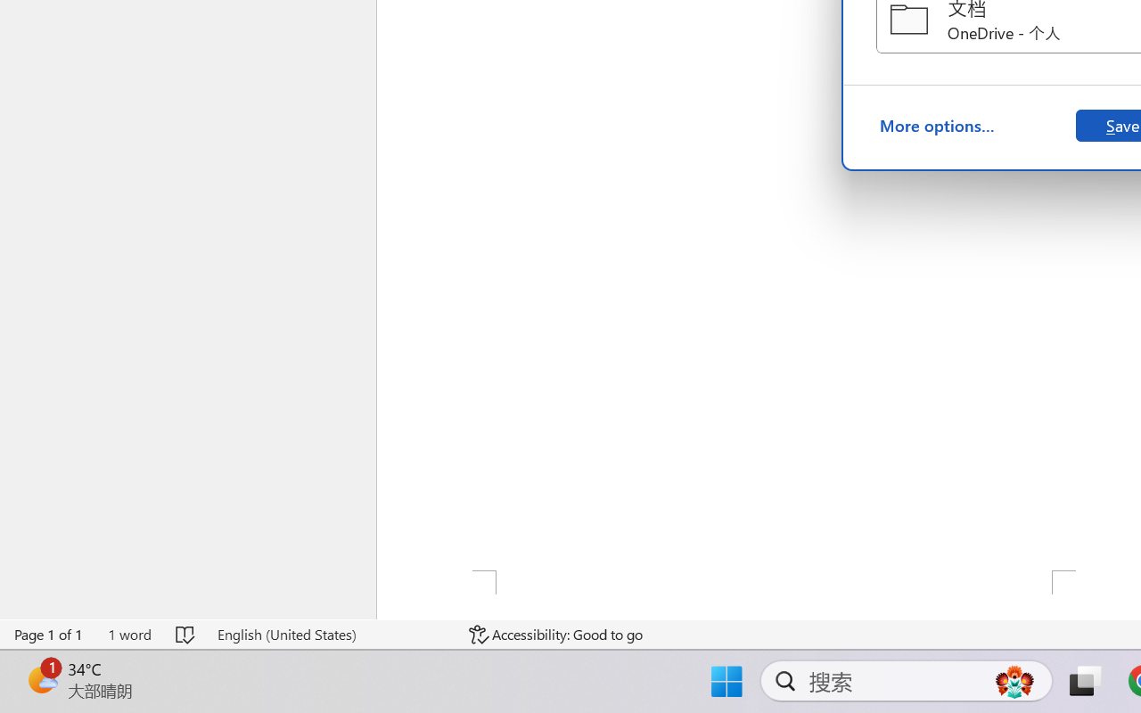 The width and height of the screenshot is (1141, 713). What do you see at coordinates (331, 634) in the screenshot?
I see `'Language English (United States)'` at bounding box center [331, 634].